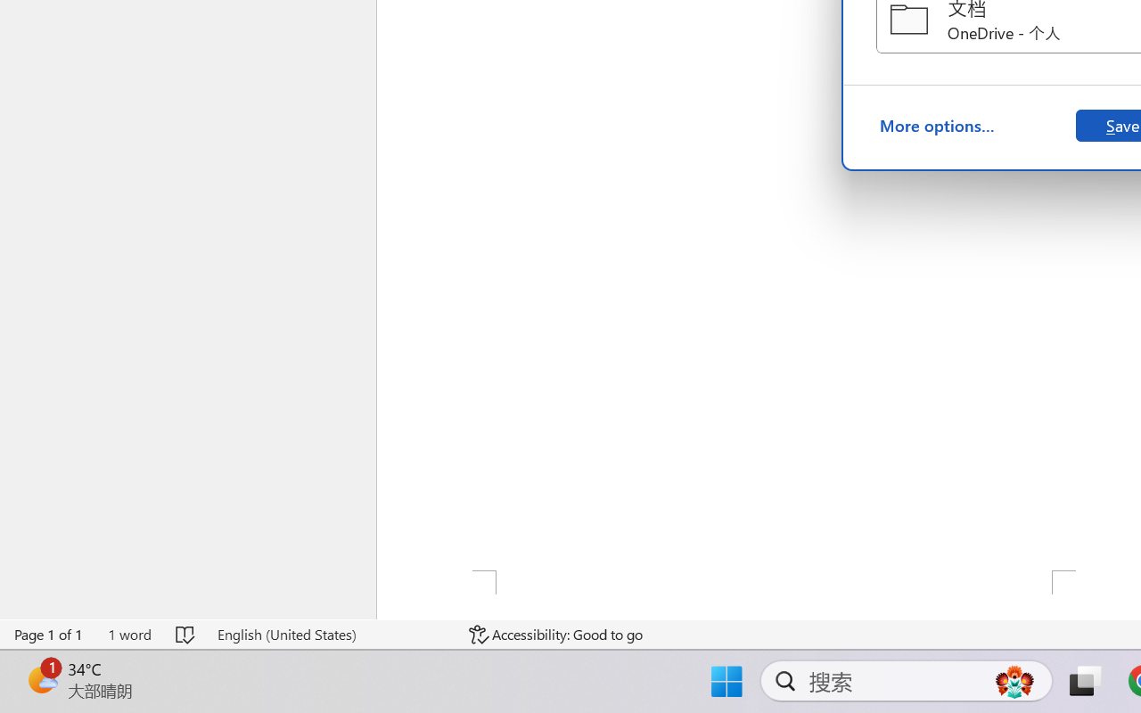 The width and height of the screenshot is (1141, 713). What do you see at coordinates (331, 634) in the screenshot?
I see `'Language English (United States)'` at bounding box center [331, 634].